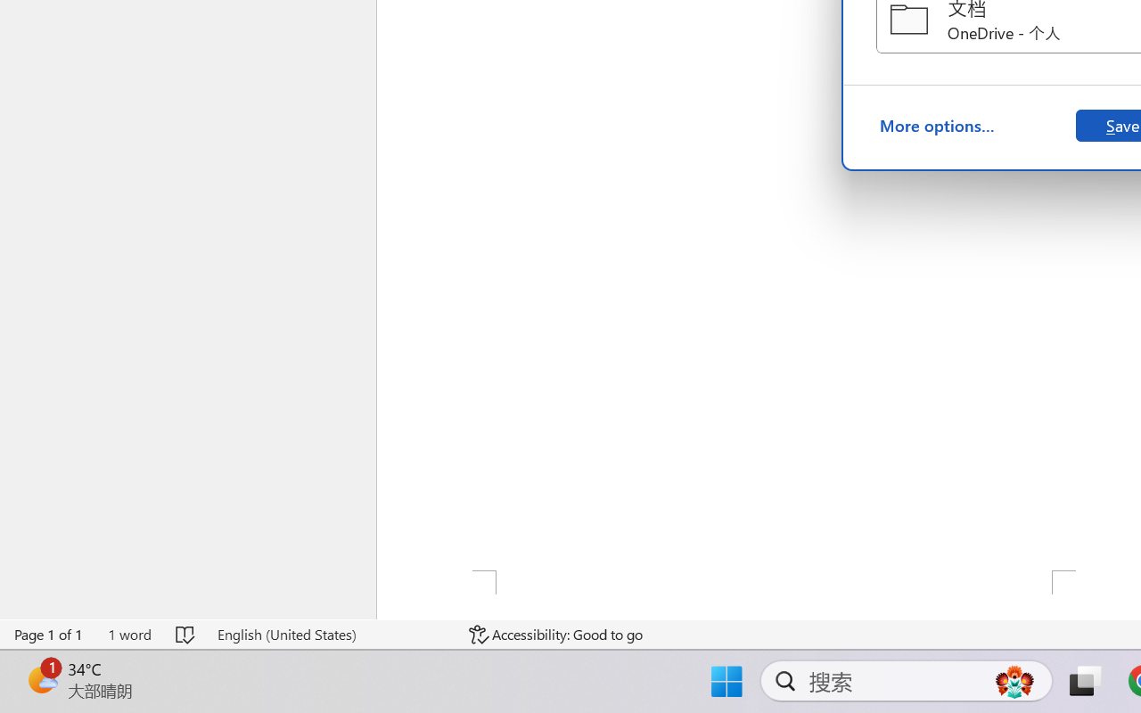 The width and height of the screenshot is (1141, 713). What do you see at coordinates (331, 634) in the screenshot?
I see `'Language English (United States)'` at bounding box center [331, 634].